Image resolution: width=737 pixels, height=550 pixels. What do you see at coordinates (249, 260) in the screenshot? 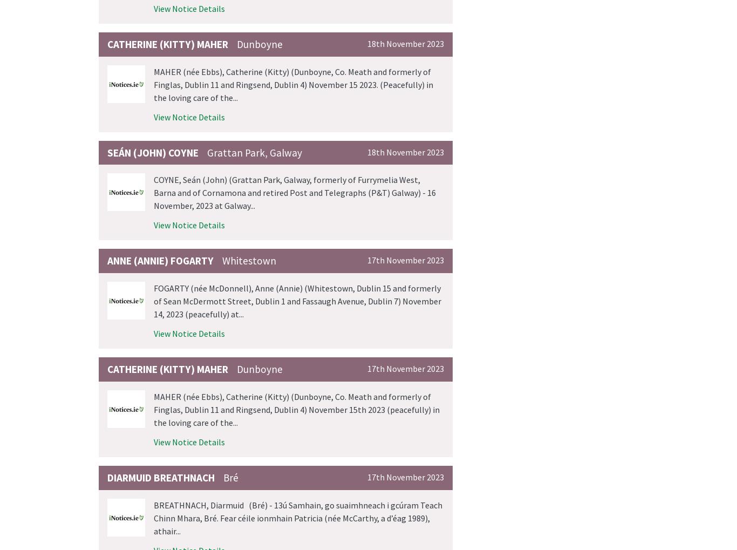
I see `'Whitestown'` at bounding box center [249, 260].